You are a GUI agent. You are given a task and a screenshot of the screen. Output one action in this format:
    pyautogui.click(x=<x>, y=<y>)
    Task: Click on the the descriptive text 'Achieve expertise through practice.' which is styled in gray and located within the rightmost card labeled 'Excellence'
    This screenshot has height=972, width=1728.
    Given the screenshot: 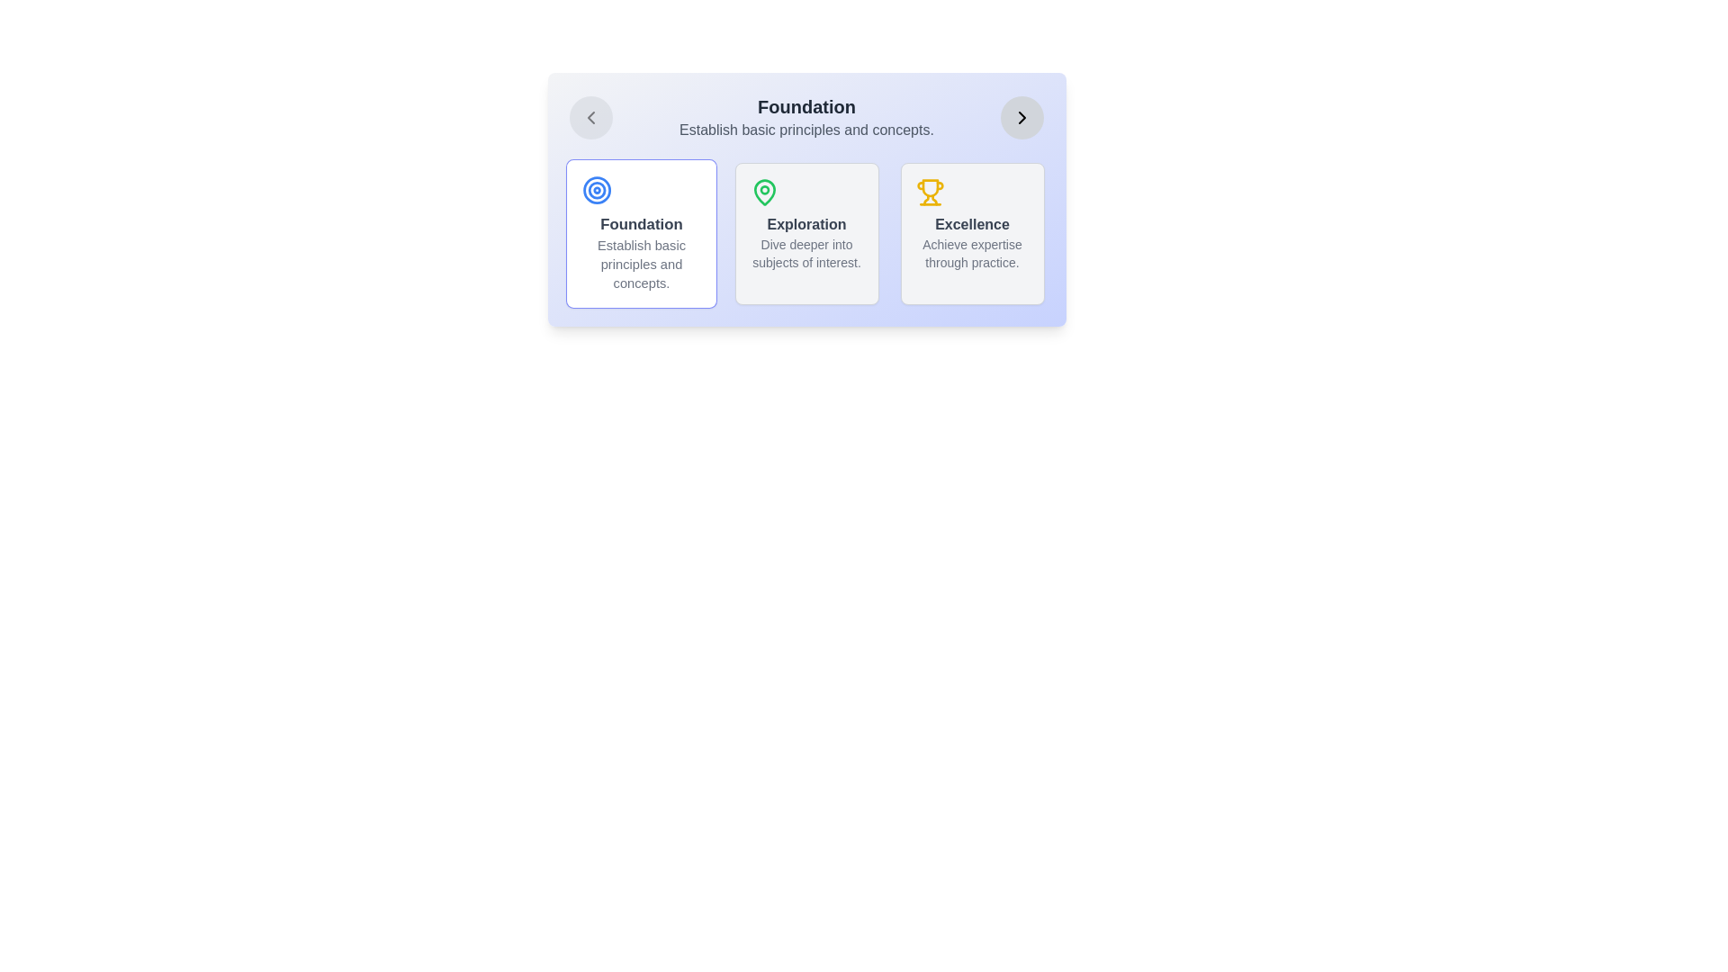 What is the action you would take?
    pyautogui.click(x=971, y=253)
    